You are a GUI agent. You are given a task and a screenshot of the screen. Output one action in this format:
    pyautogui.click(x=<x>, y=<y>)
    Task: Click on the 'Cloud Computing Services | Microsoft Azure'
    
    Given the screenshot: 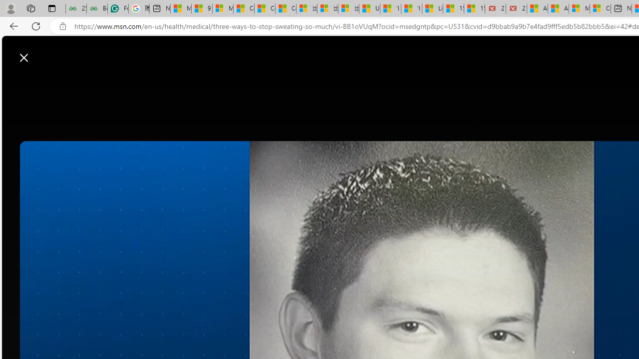 What is the action you would take?
    pyautogui.click(x=599, y=8)
    